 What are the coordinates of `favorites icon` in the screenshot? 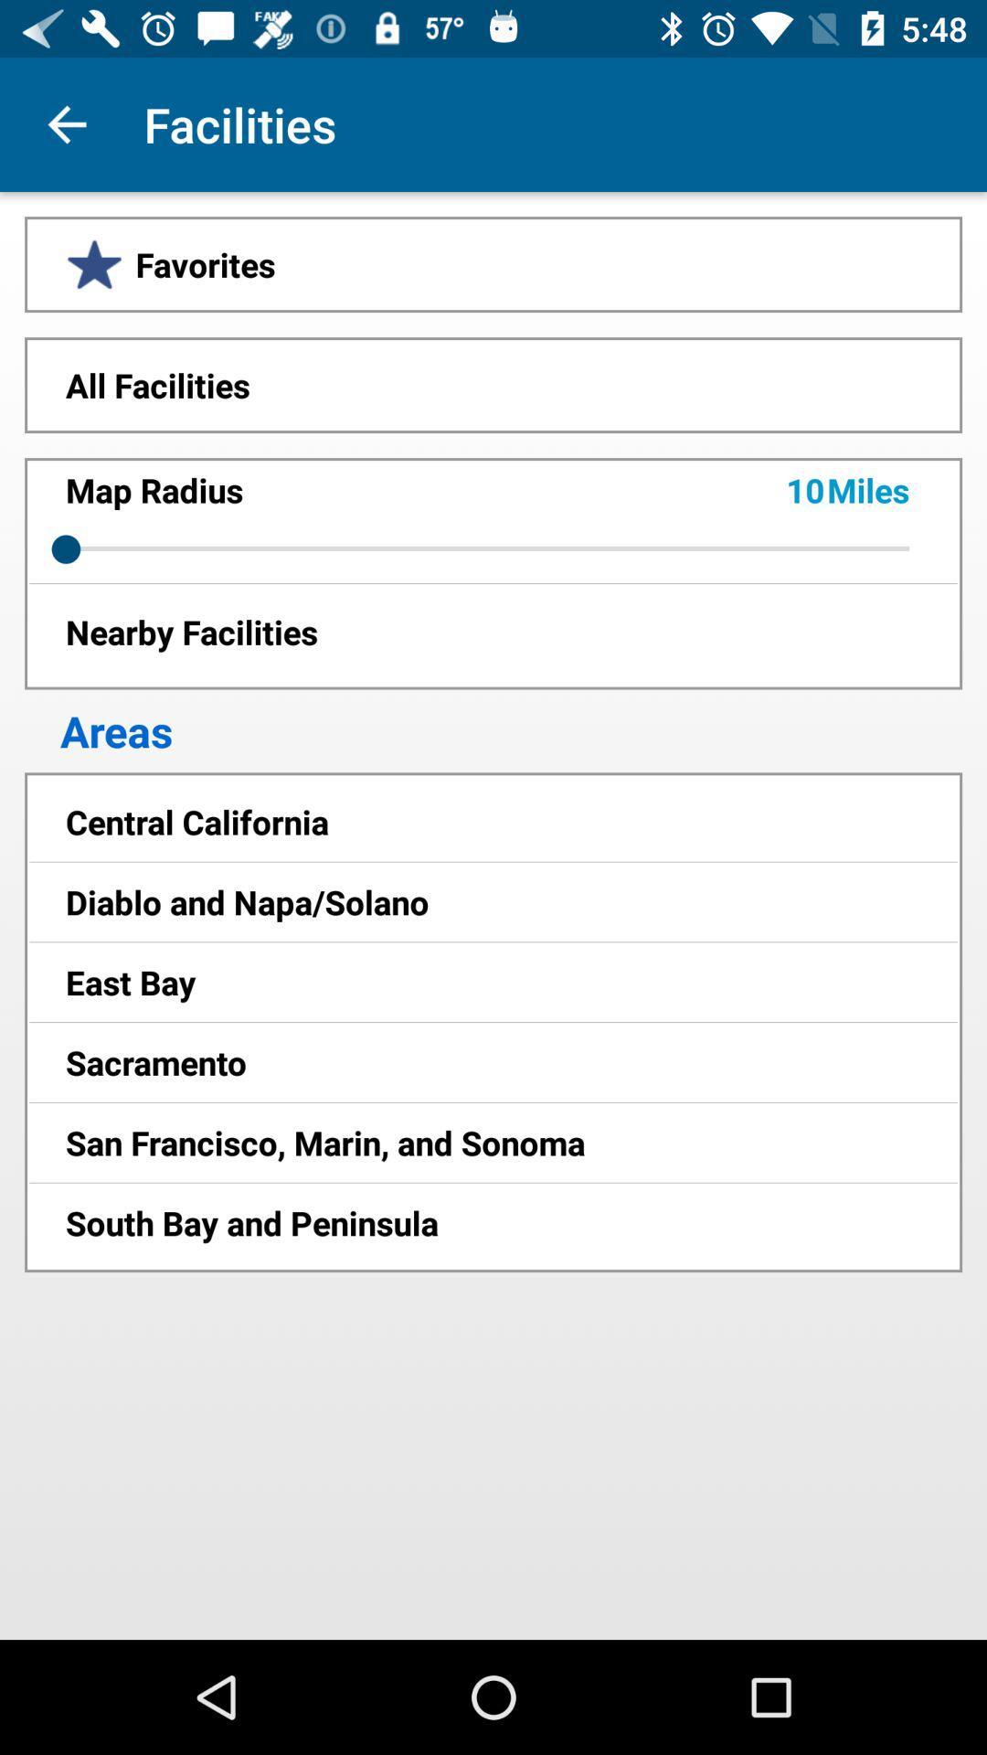 It's located at (493, 263).